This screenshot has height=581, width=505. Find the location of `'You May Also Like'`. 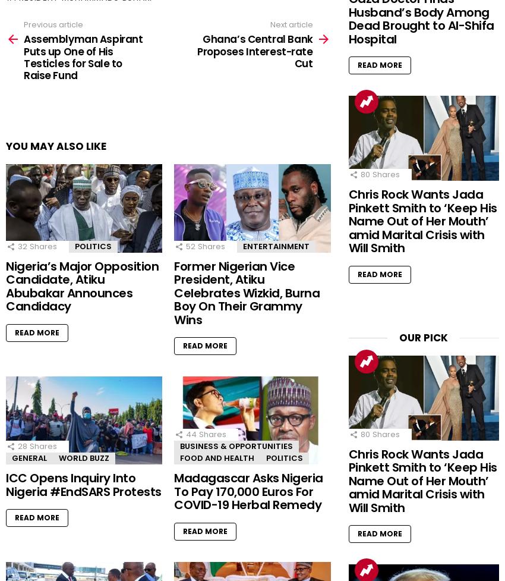

'You May Also Like' is located at coordinates (55, 145).